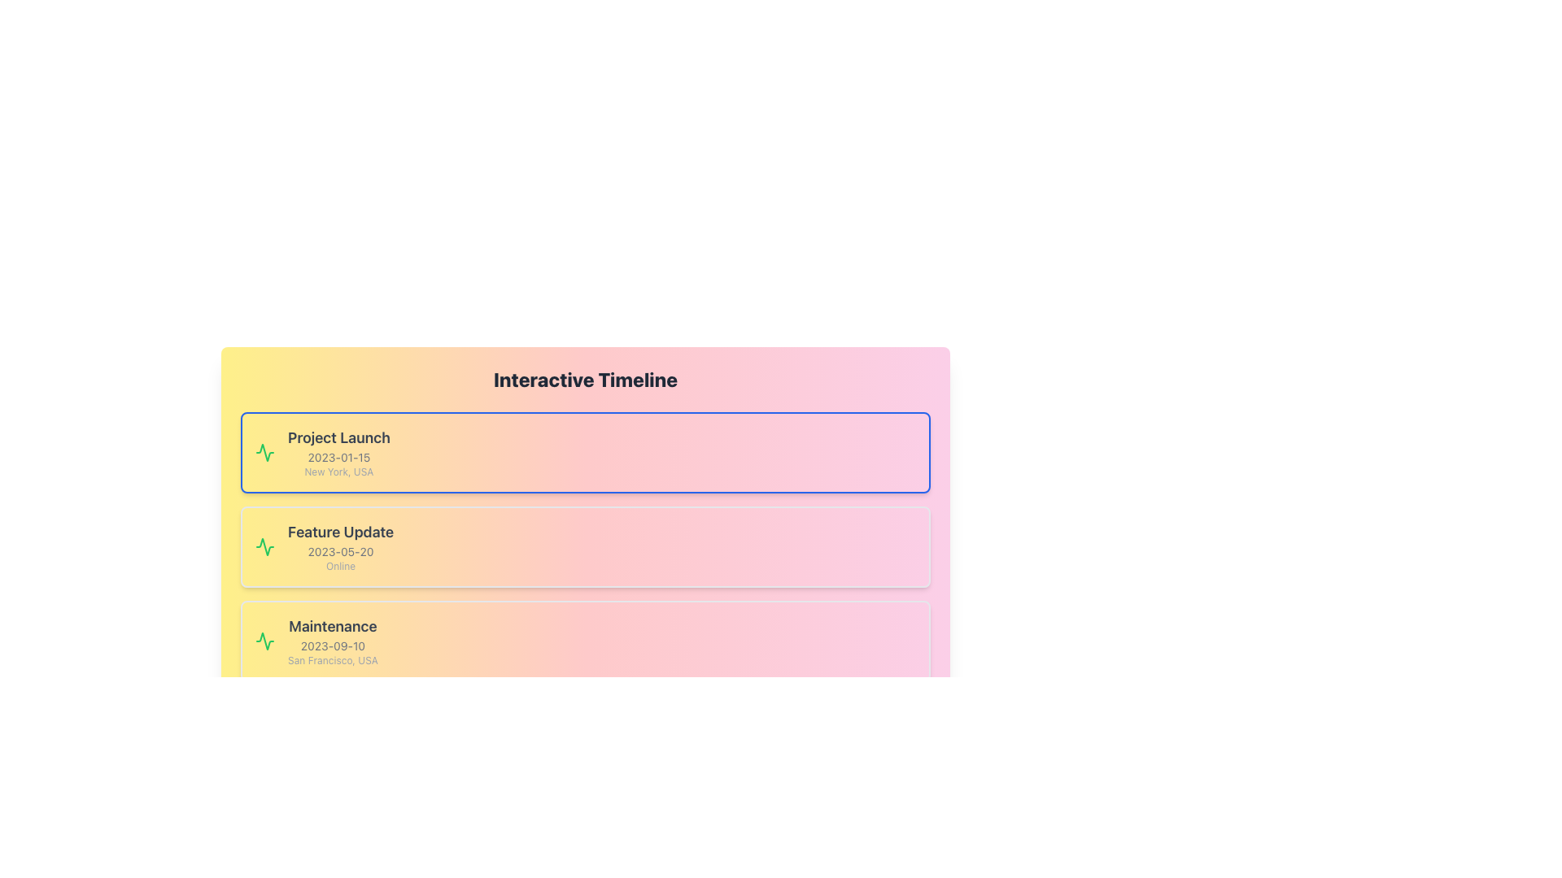 Image resolution: width=1562 pixels, height=878 pixels. Describe the element at coordinates (265, 546) in the screenshot. I see `the vibrant green jagged waveform icon located in the upper section of the timeline, adjacent to the 'Project Launch' entry` at that location.